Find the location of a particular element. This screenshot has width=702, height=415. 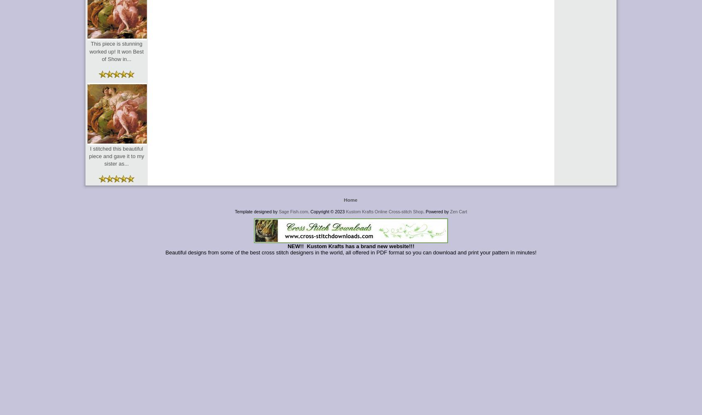

'. Powered by' is located at coordinates (422, 211).